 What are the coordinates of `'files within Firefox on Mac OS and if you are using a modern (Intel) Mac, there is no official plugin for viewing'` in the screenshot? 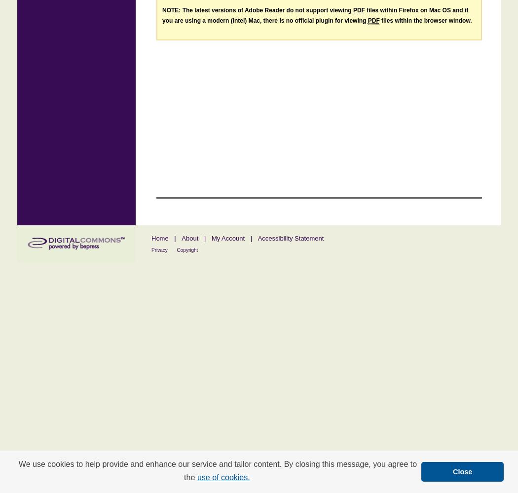 It's located at (162, 15).